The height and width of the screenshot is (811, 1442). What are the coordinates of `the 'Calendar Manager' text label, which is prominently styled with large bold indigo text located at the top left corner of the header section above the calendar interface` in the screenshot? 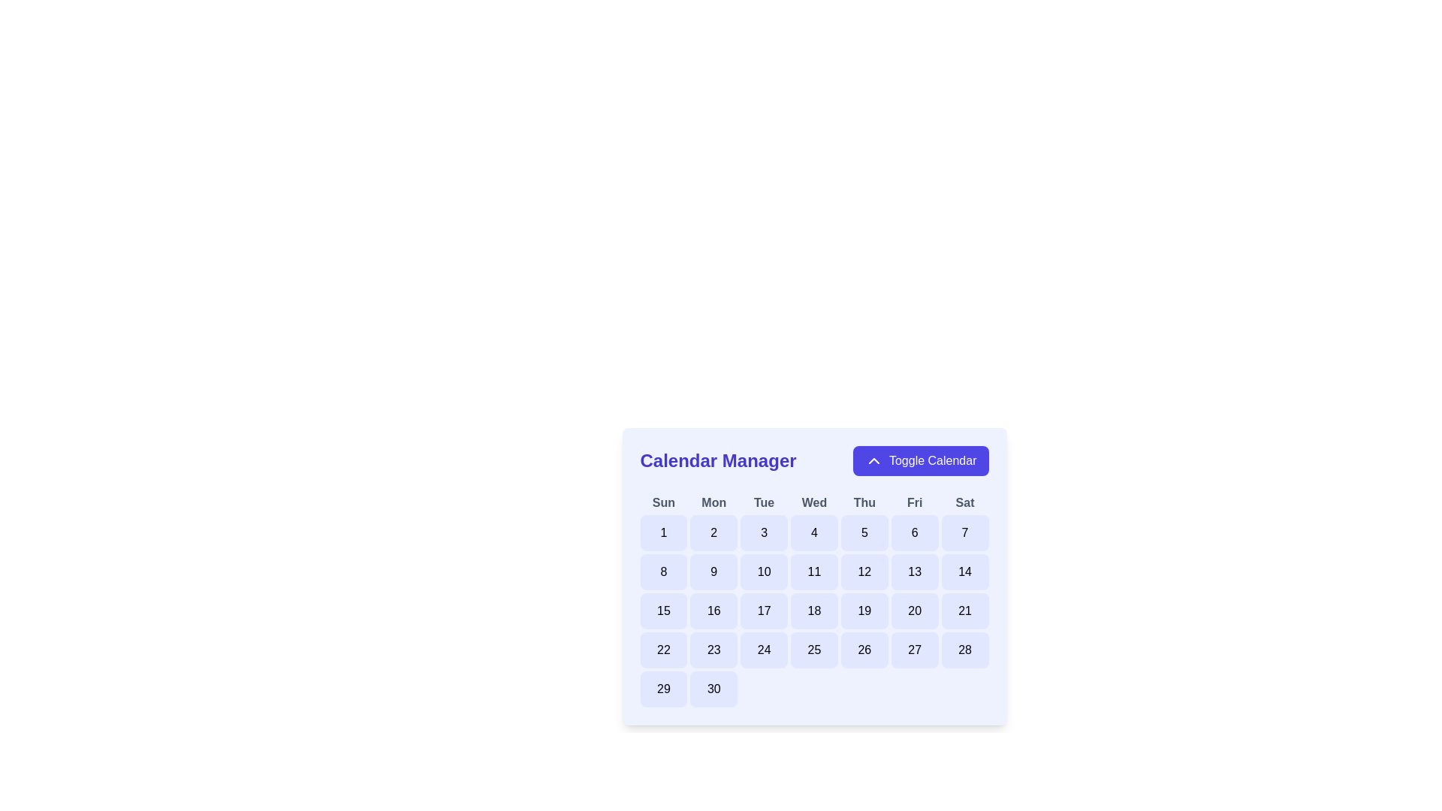 It's located at (717, 460).